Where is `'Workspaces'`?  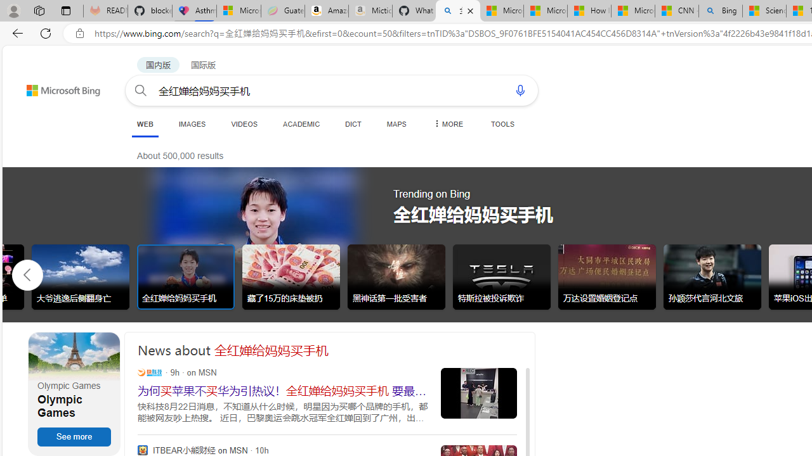
'Workspaces' is located at coordinates (39, 10).